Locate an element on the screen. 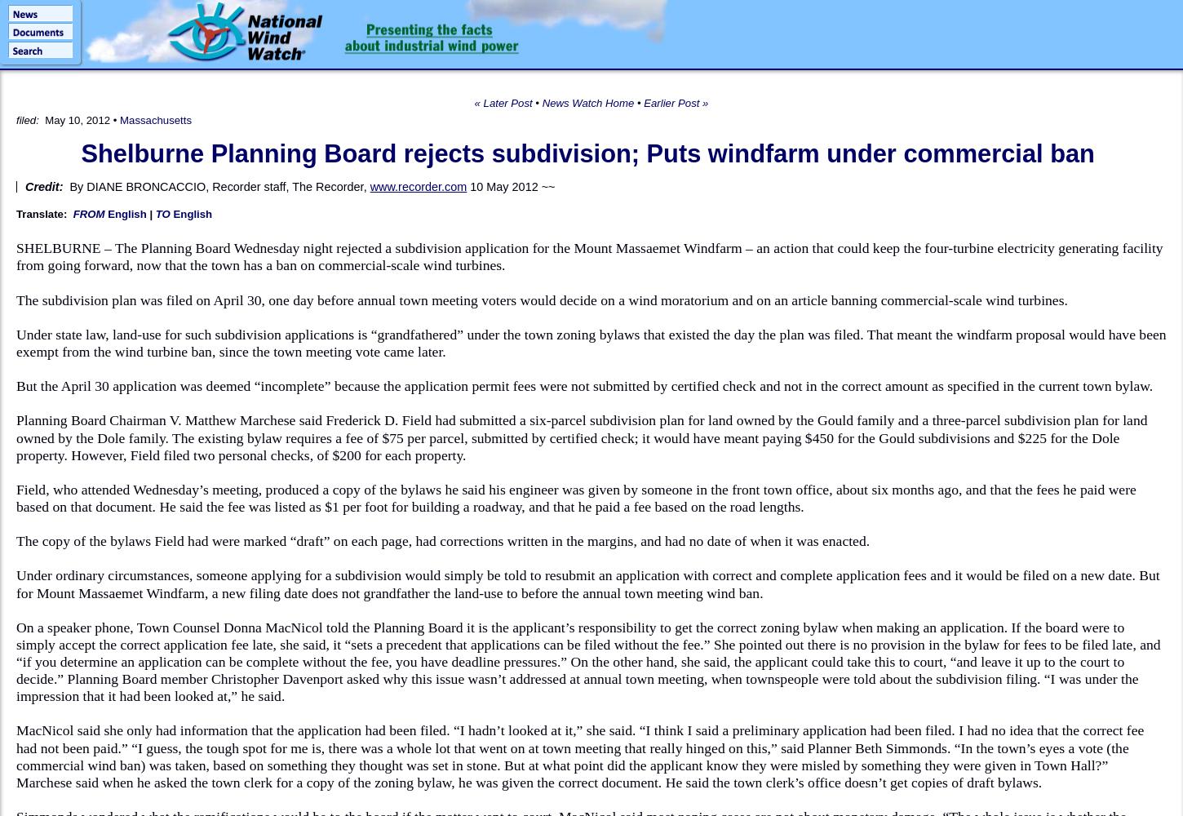  'Earlier Post »' is located at coordinates (676, 103).